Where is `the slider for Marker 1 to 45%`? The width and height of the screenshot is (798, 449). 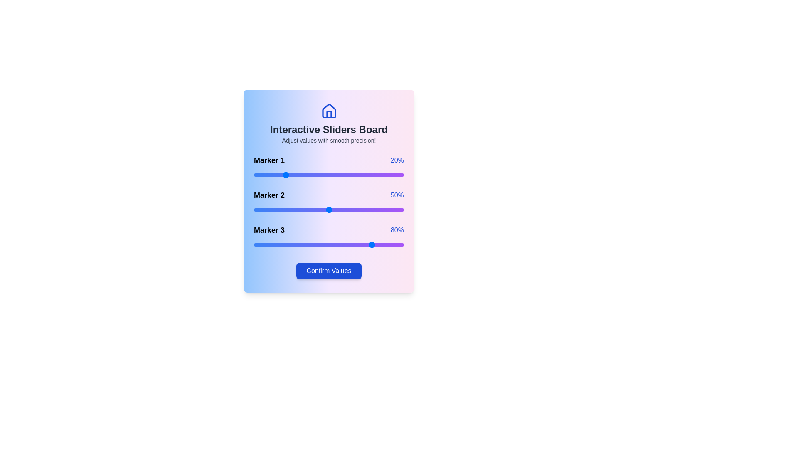 the slider for Marker 1 to 45% is located at coordinates (321, 174).